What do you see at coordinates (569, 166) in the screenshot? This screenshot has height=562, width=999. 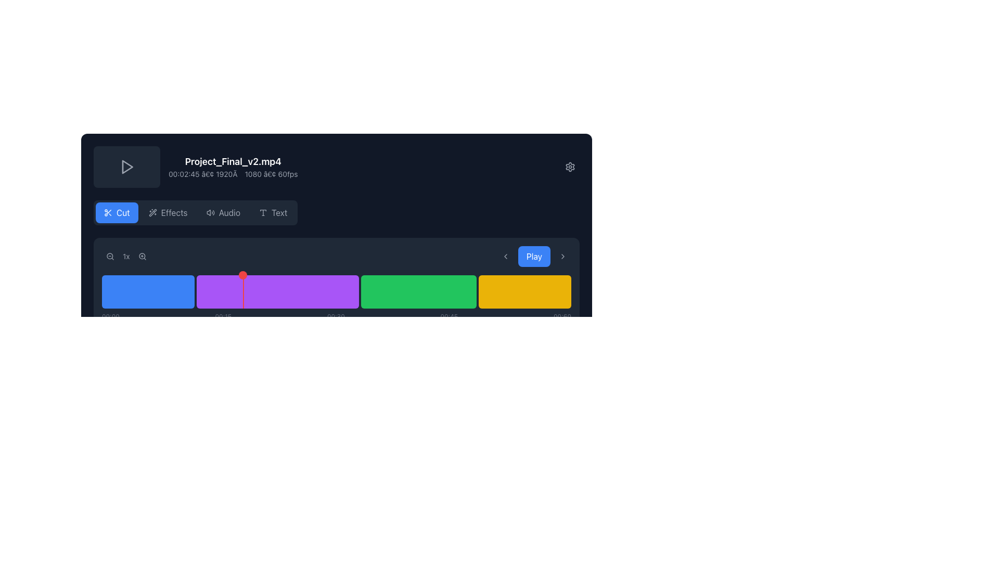 I see `the settings button icon, which resembles a gear and is located at the top-right corner of the file information section for 'Project_Final_v2.mp4'` at bounding box center [569, 166].